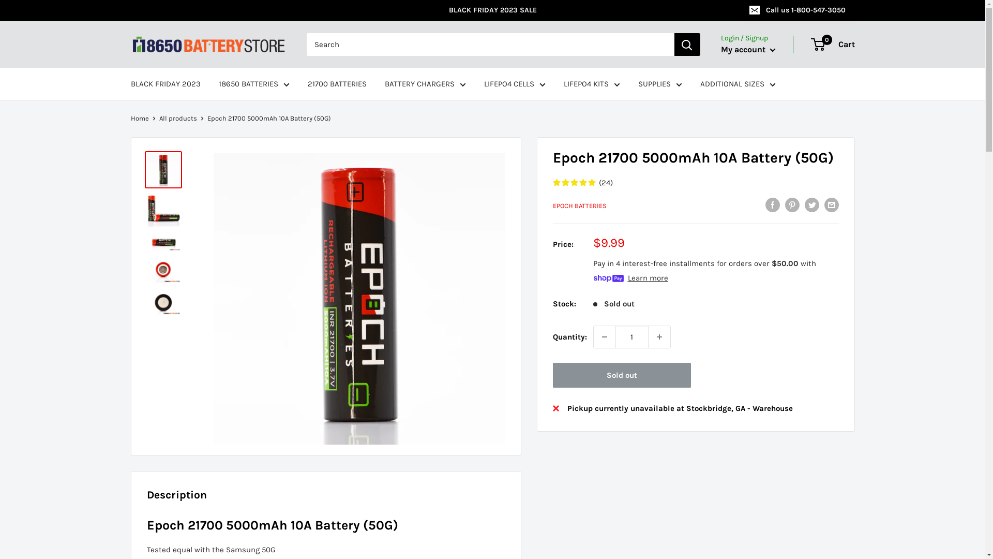  Describe the element at coordinates (552, 375) in the screenshot. I see `'Sold out'` at that location.